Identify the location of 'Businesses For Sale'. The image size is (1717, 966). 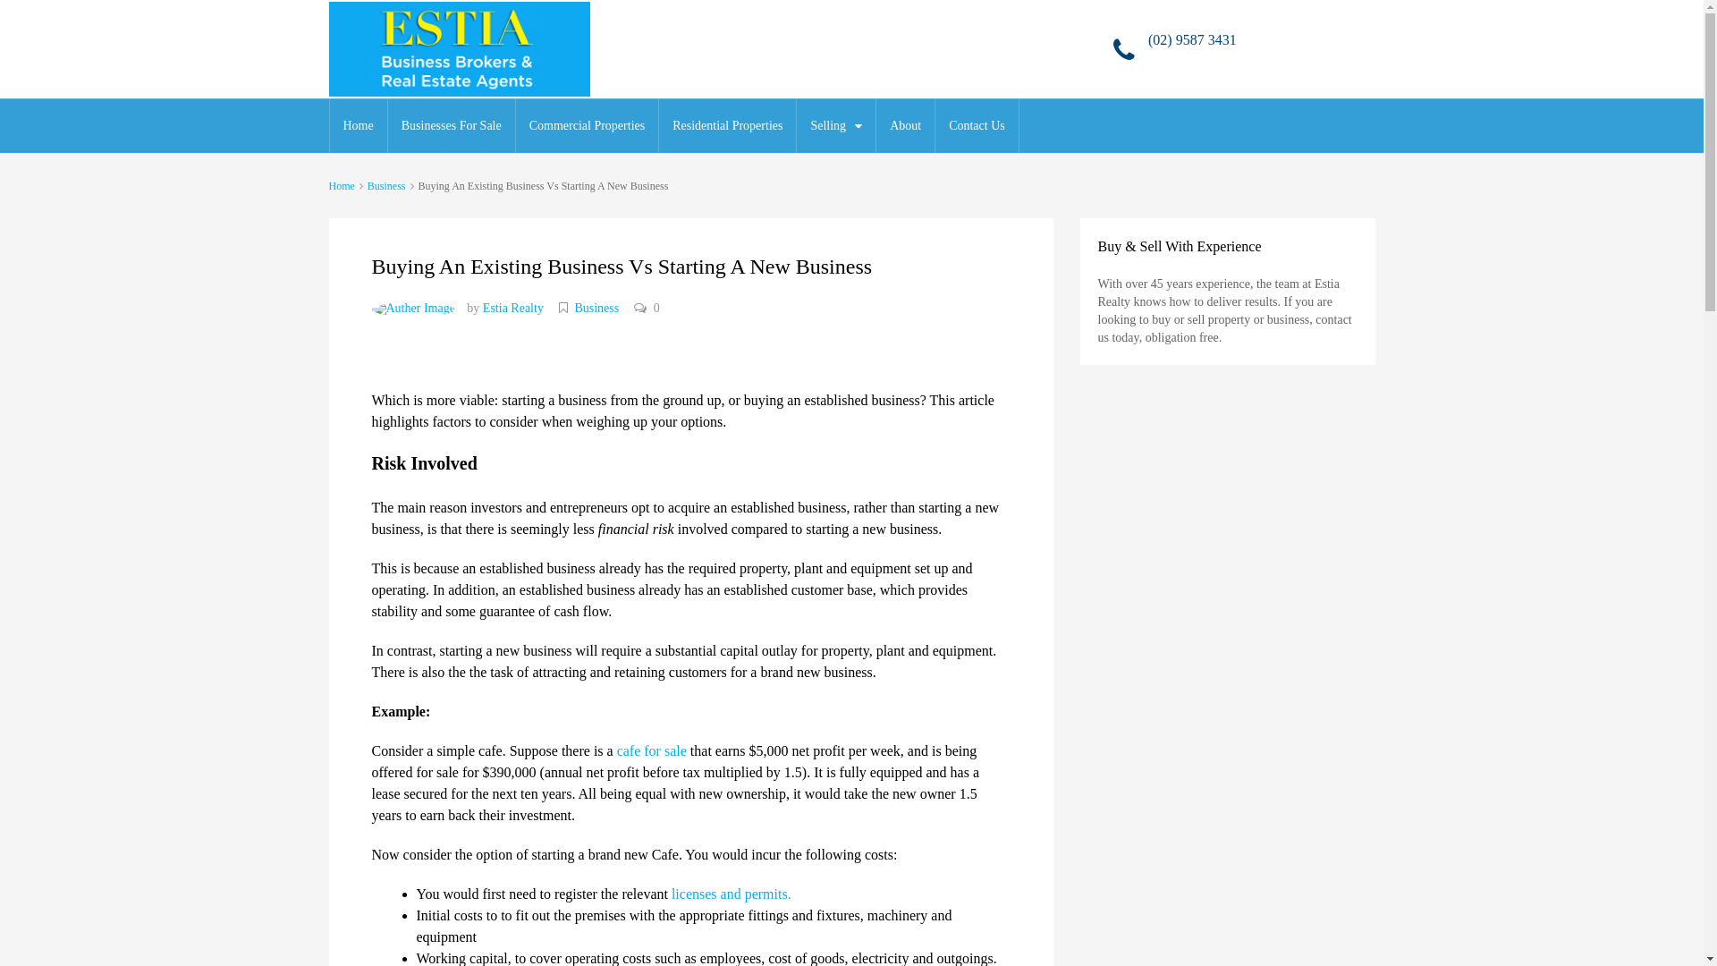
(451, 125).